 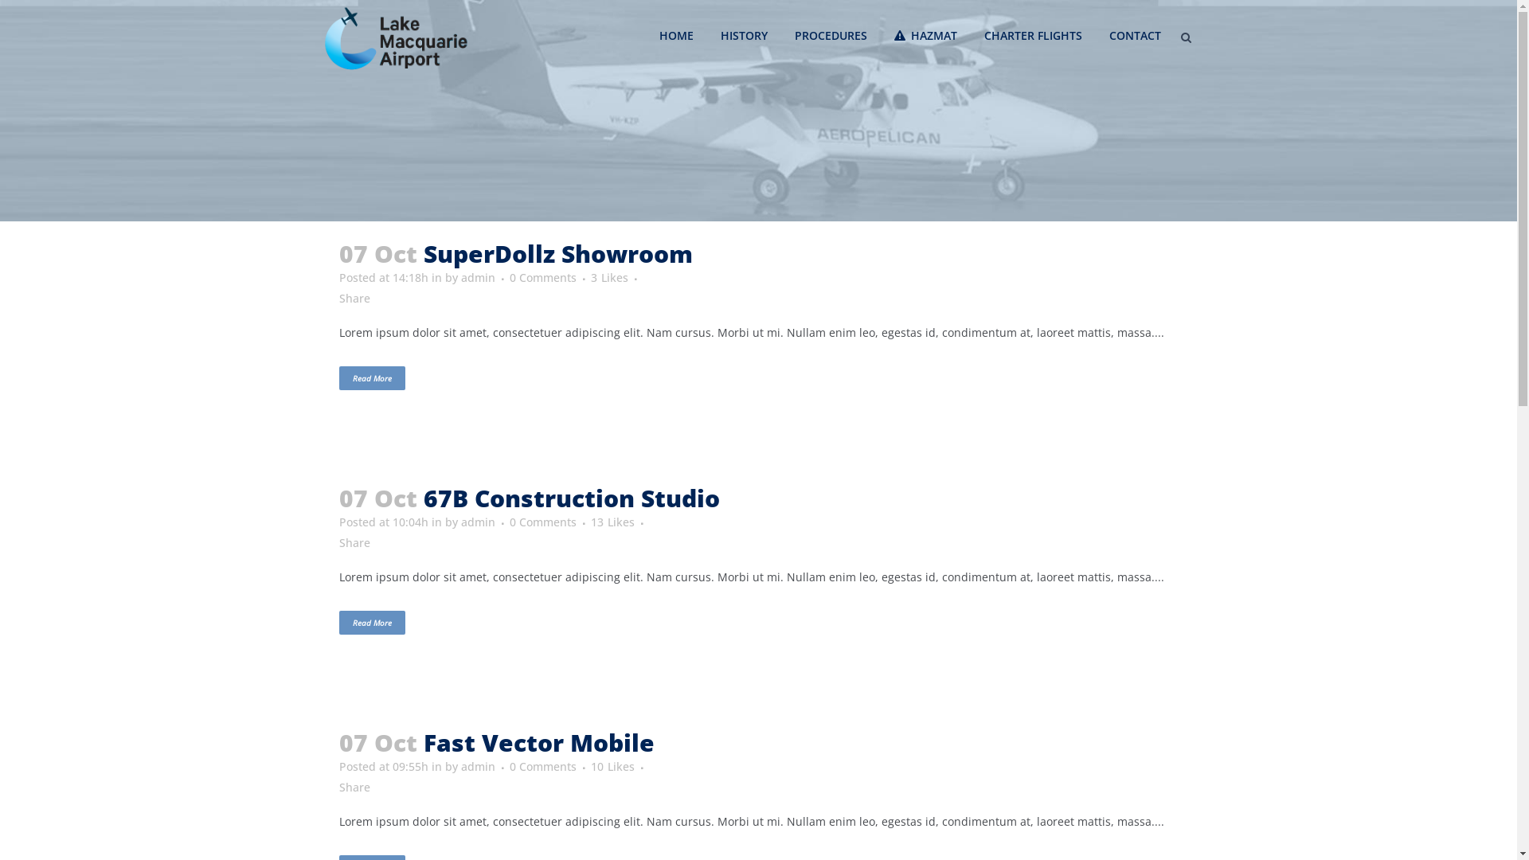 I want to click on 'HOME', so click(x=675, y=36).